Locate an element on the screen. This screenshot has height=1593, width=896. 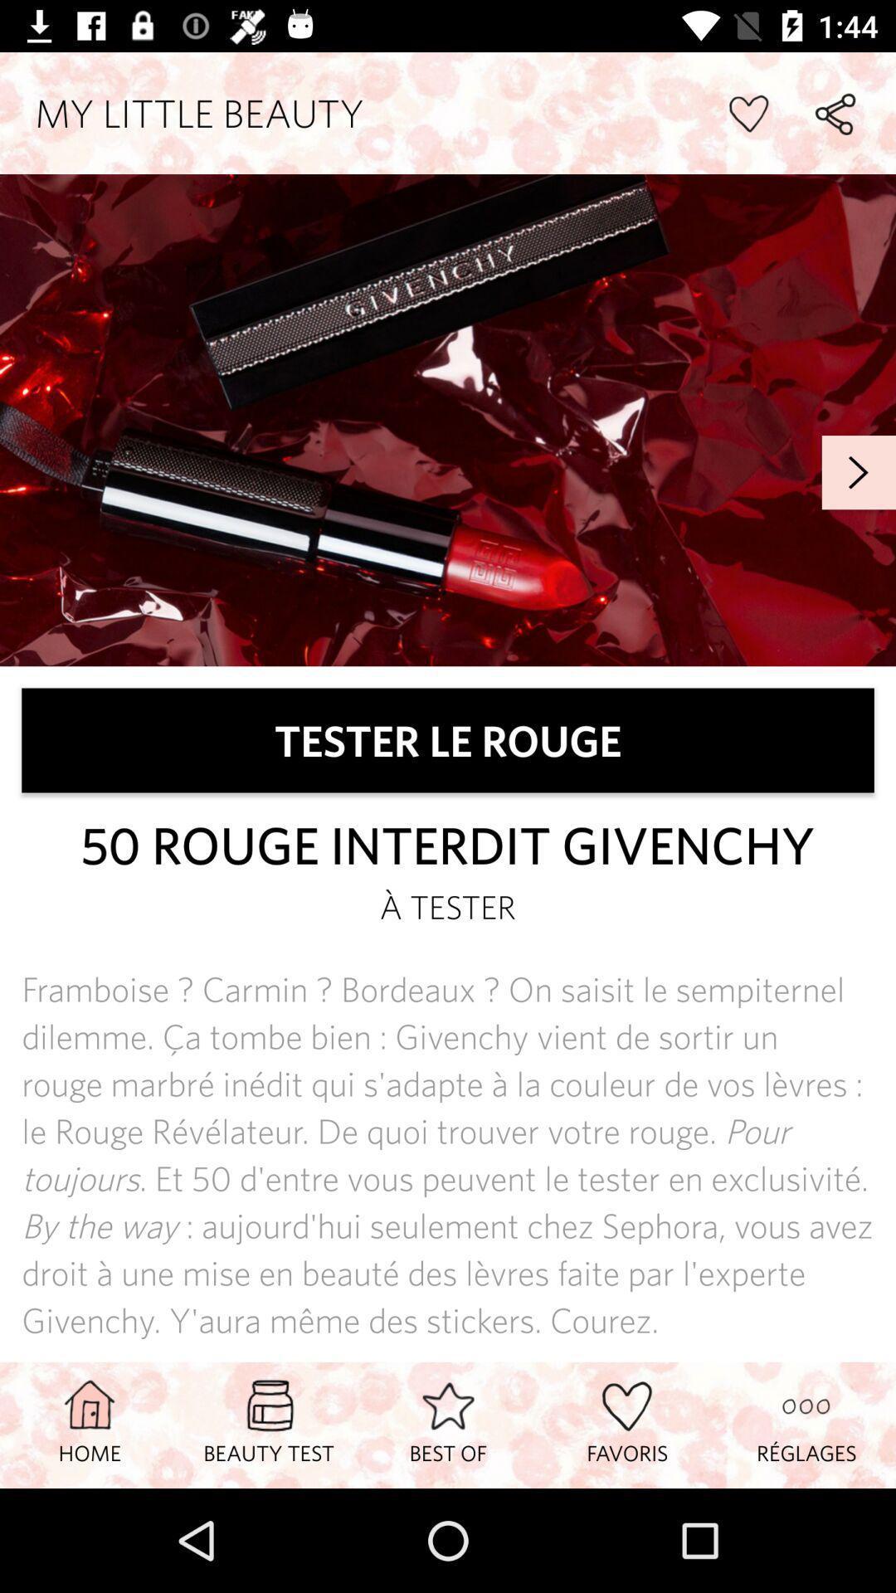
the icon next to the beauty test icon is located at coordinates (90, 1424).